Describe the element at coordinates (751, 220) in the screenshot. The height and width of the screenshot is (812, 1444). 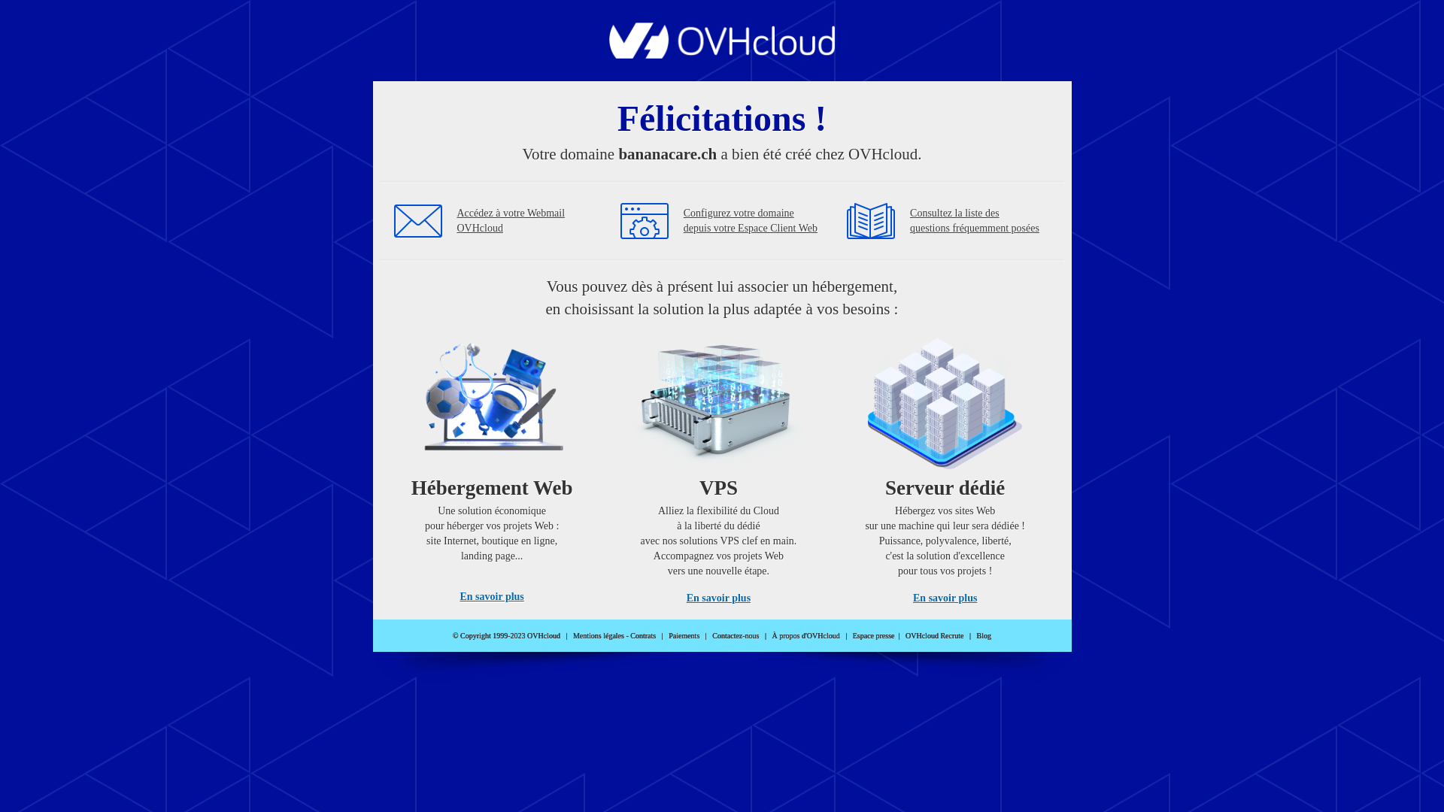
I see `'Configurez votre domaine` at that location.